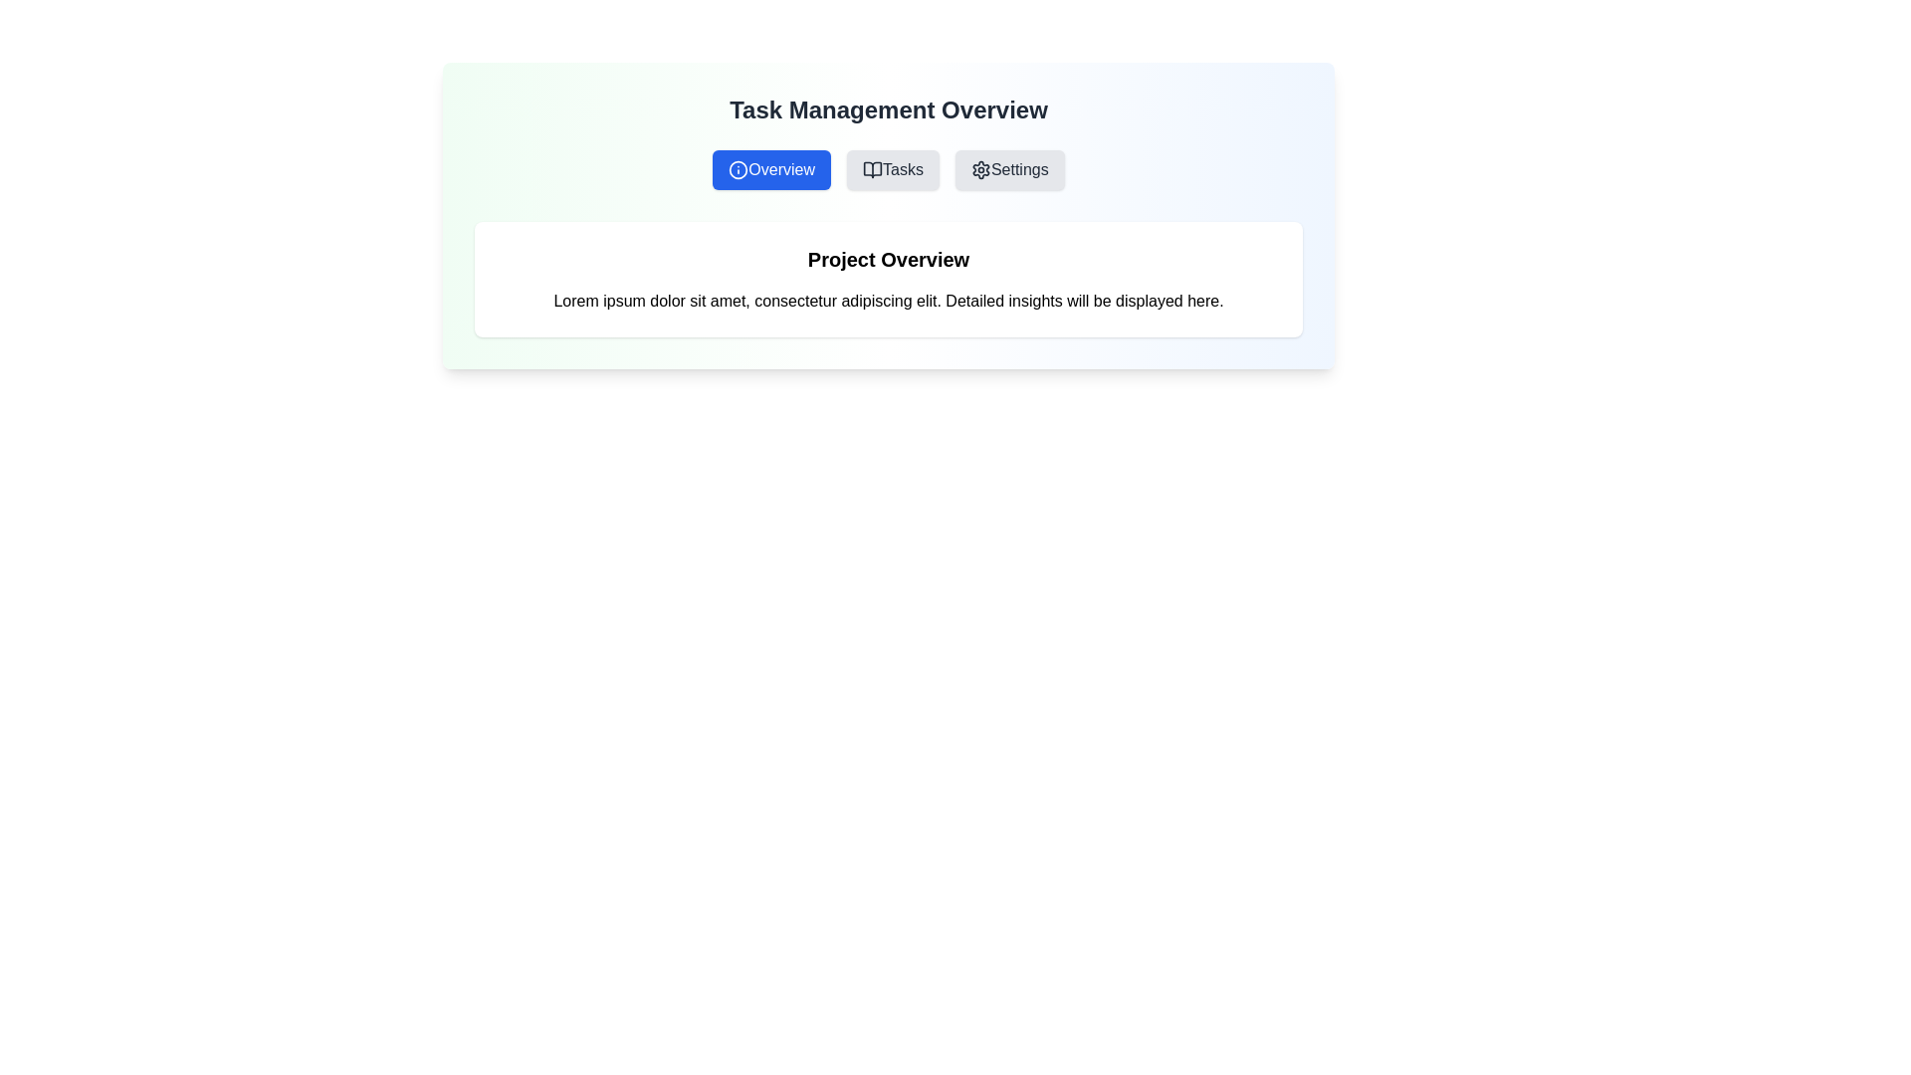  What do you see at coordinates (887, 168) in the screenshot?
I see `the Tasks button on the navigation bar located below the title 'Task Management Overview'` at bounding box center [887, 168].